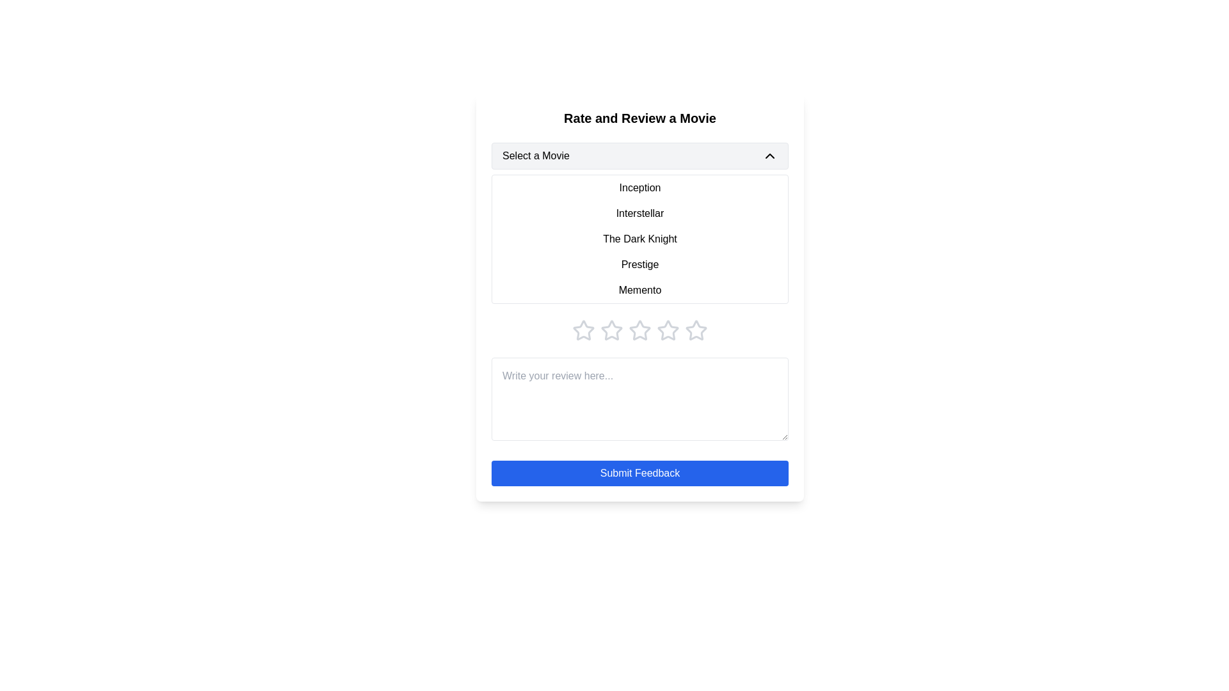 The height and width of the screenshot is (691, 1229). I want to click on a row in the Dropdown menu, so click(639, 239).